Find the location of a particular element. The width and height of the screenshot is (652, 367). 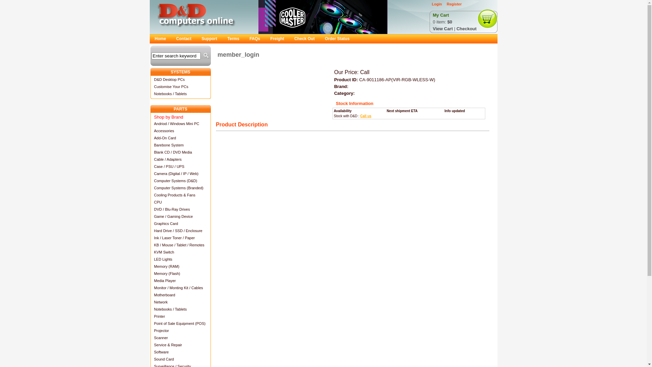

'Game / Gaming Device' is located at coordinates (149, 216).